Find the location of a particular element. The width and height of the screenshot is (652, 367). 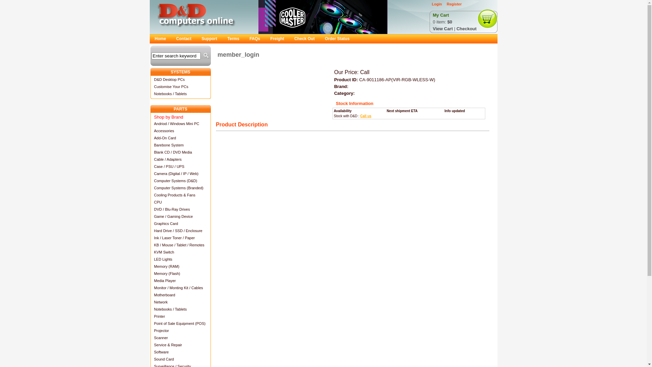

'Game / Gaming Device' is located at coordinates (149, 216).